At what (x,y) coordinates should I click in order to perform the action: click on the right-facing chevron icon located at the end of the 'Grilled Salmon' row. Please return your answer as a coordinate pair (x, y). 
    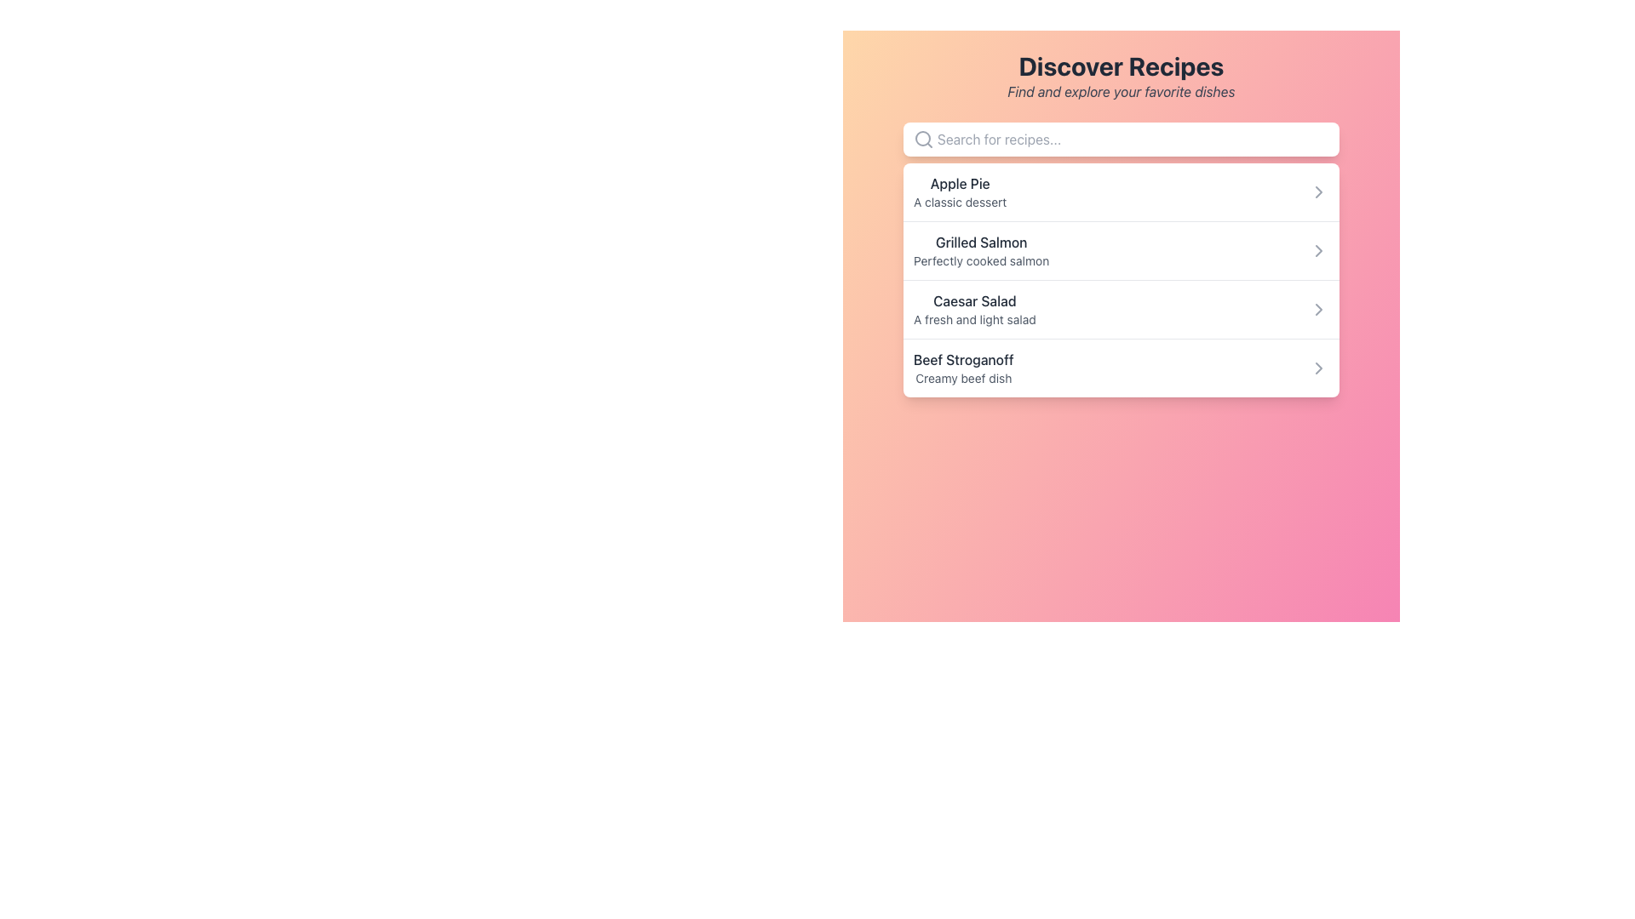
    Looking at the image, I should click on (1318, 250).